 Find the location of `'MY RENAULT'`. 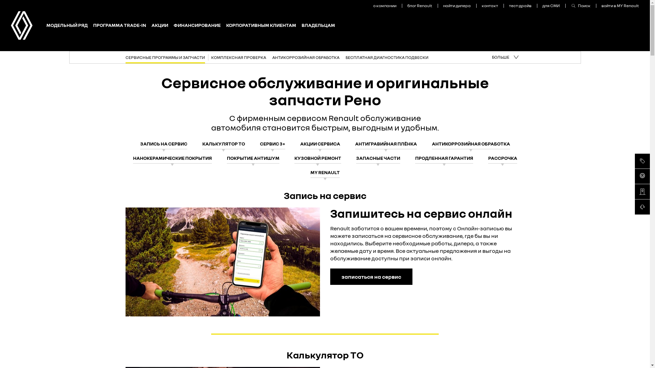

'MY RENAULT' is located at coordinates (325, 171).